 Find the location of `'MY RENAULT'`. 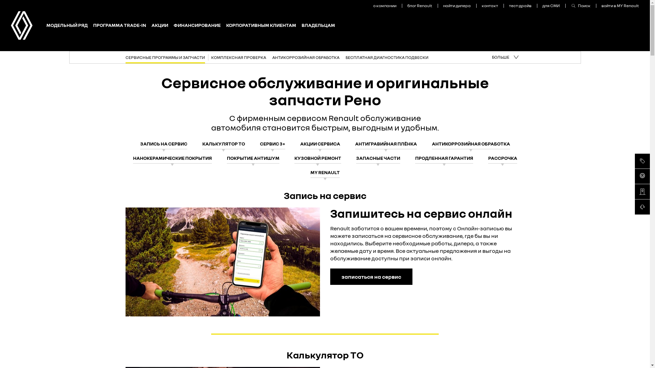

'MY RENAULT' is located at coordinates (325, 171).